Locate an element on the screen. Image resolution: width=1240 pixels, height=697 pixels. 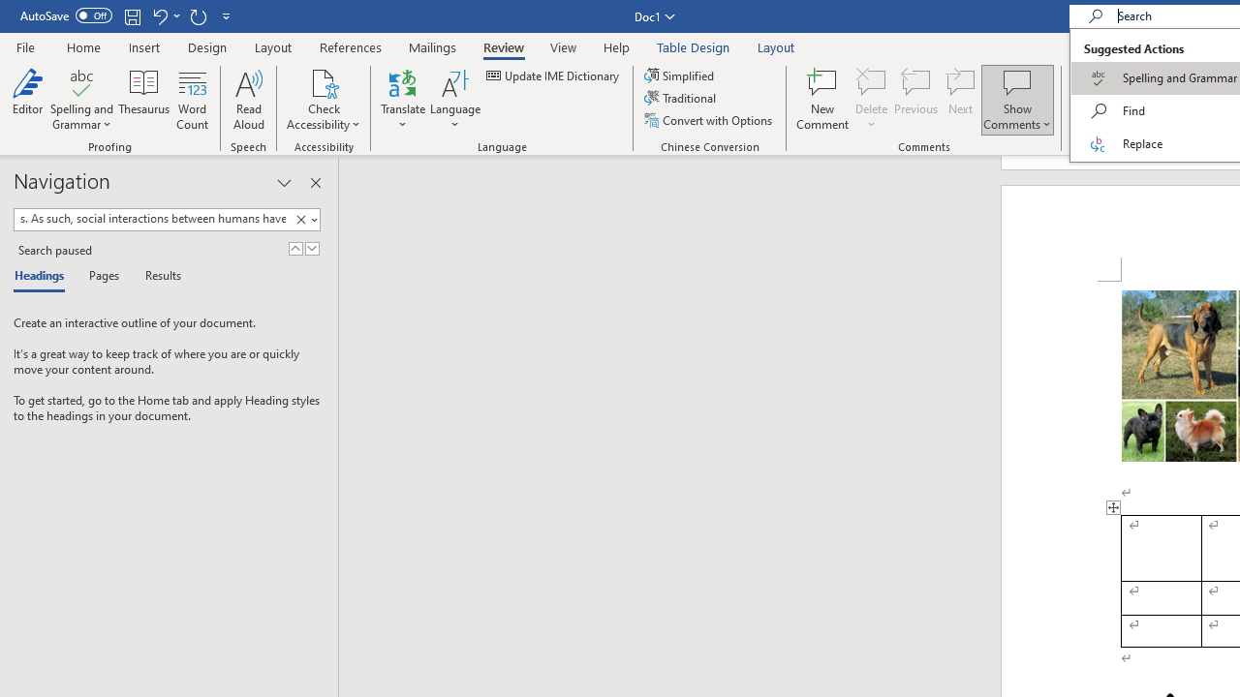
'References' is located at coordinates (351, 46).